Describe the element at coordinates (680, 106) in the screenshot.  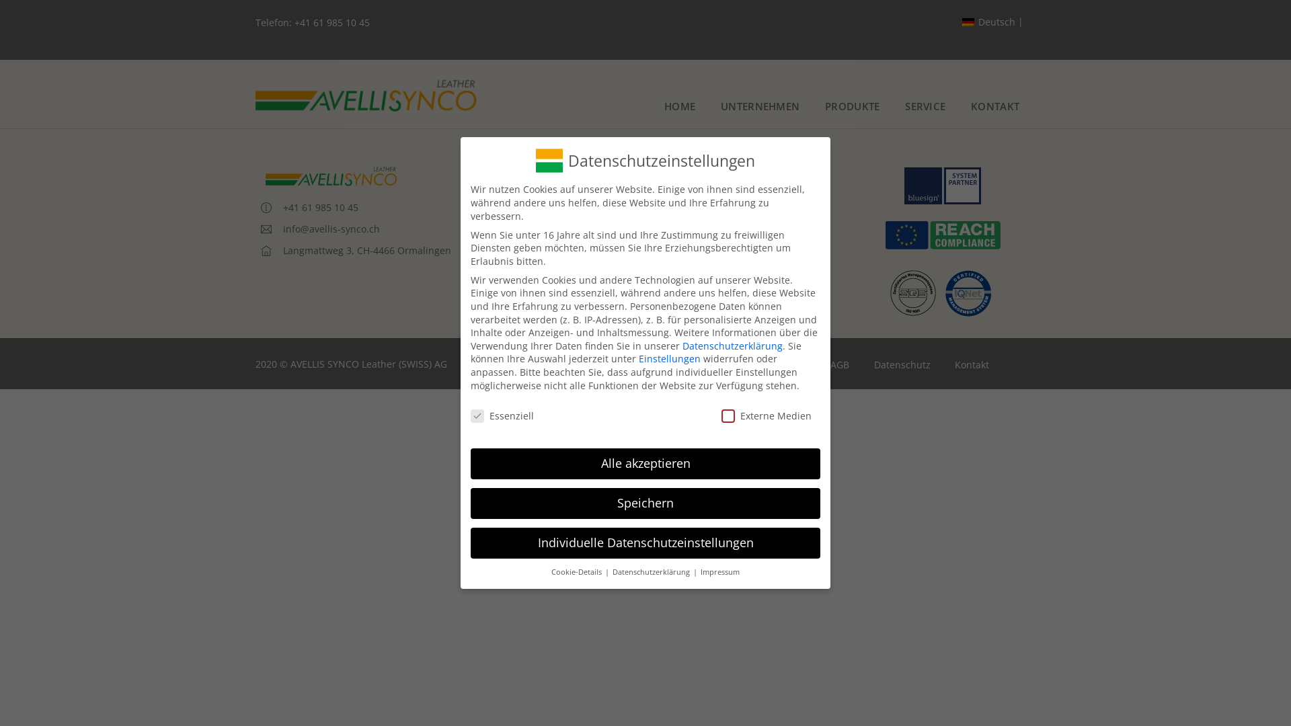
I see `'HOME'` at that location.